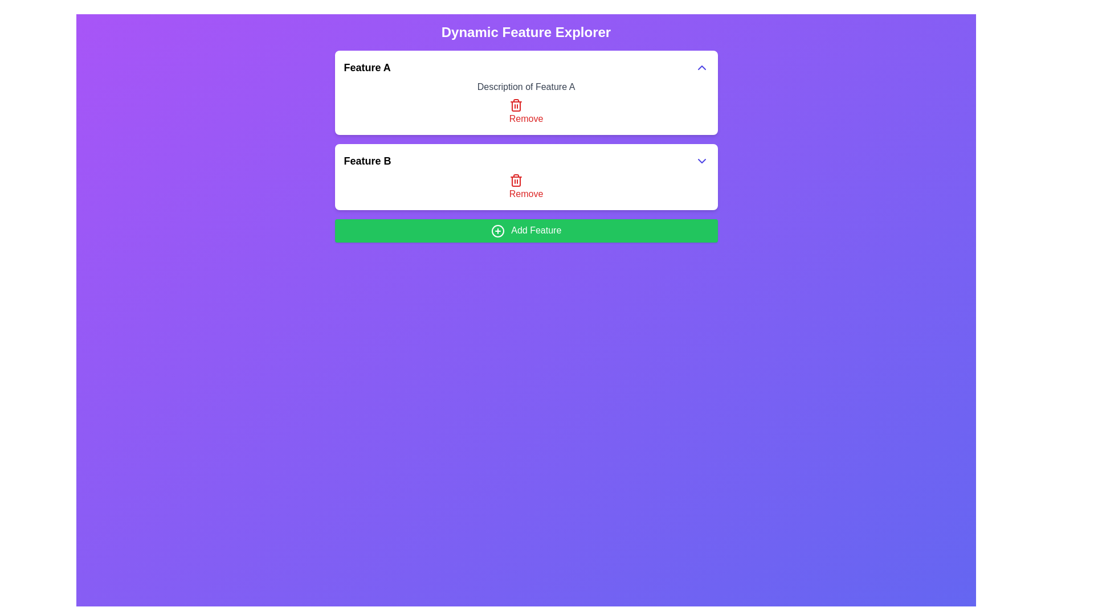 This screenshot has height=615, width=1094. What do you see at coordinates (497, 231) in the screenshot?
I see `the SVG graphic icon located at the center of the 'Add Feature' button` at bounding box center [497, 231].